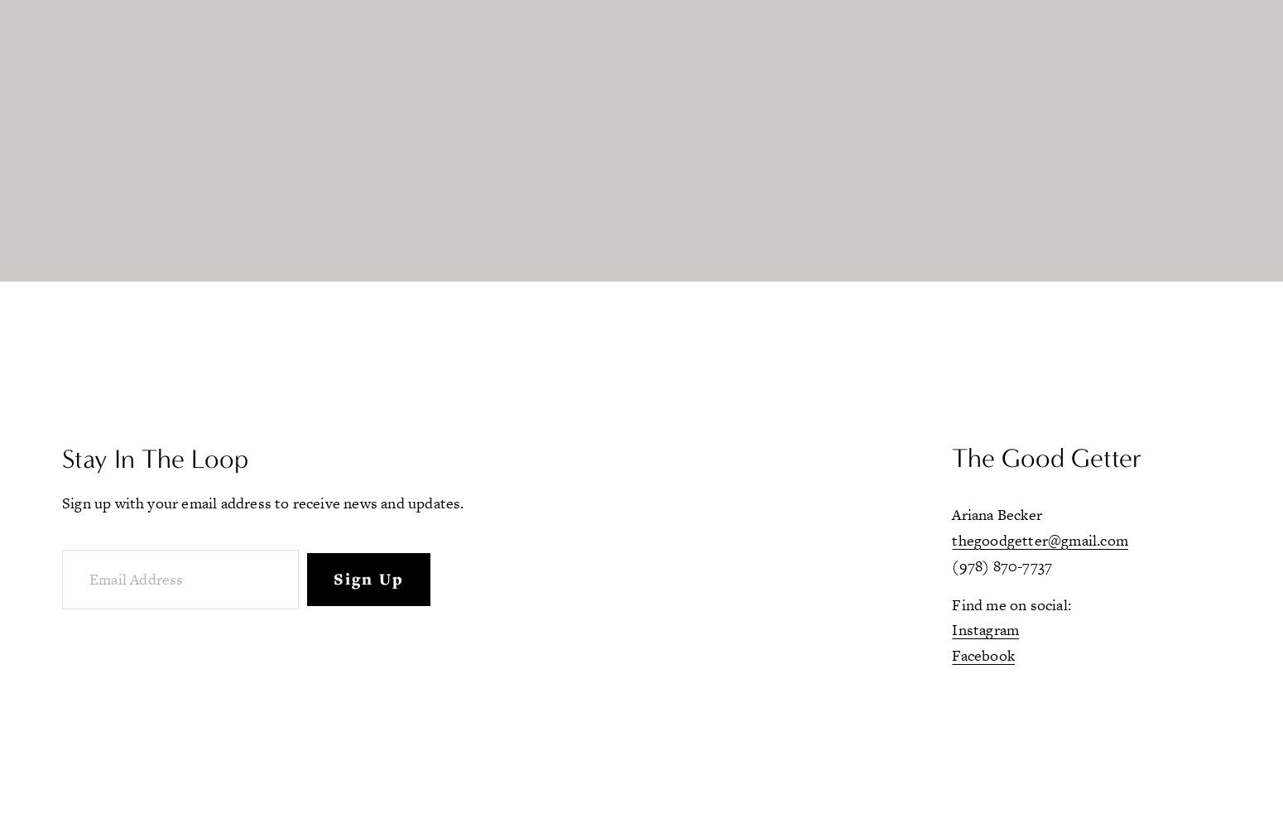  What do you see at coordinates (190, 246) in the screenshot?
I see `'Yoga'` at bounding box center [190, 246].